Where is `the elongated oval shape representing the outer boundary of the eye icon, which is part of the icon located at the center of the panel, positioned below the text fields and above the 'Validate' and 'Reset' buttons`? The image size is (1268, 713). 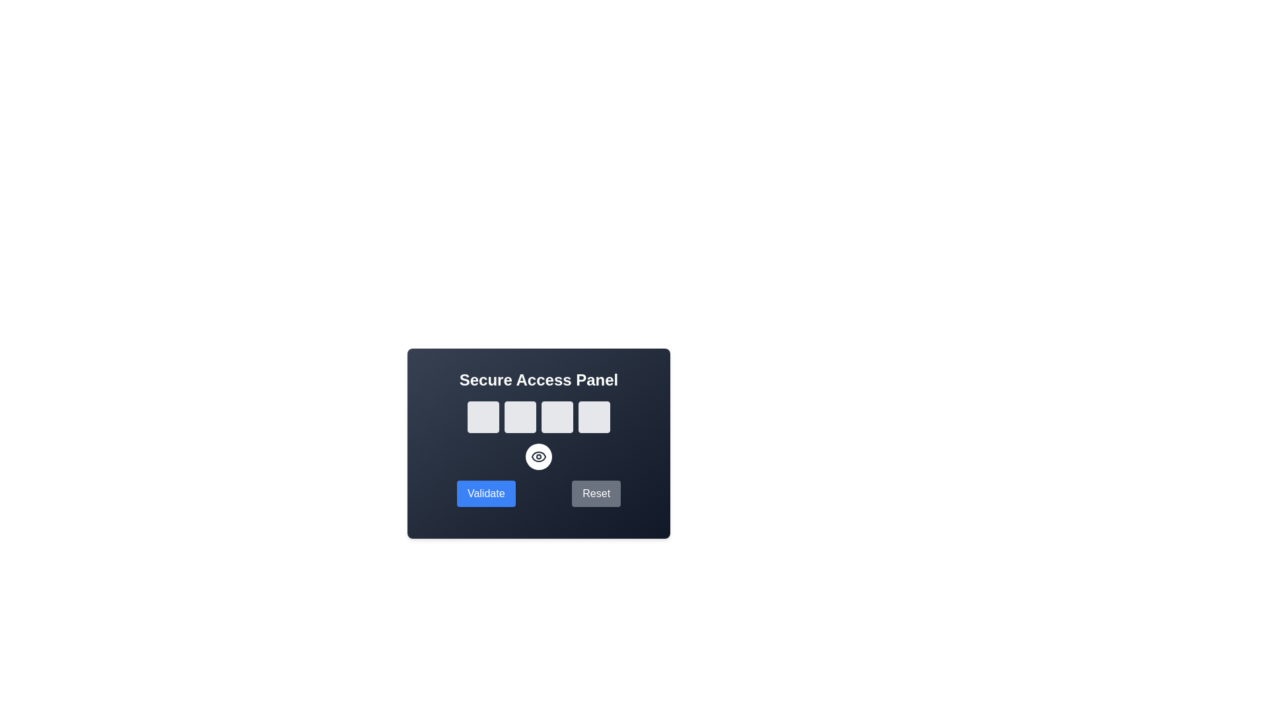
the elongated oval shape representing the outer boundary of the eye icon, which is part of the icon located at the center of the panel, positioned below the text fields and above the 'Validate' and 'Reset' buttons is located at coordinates (539, 456).